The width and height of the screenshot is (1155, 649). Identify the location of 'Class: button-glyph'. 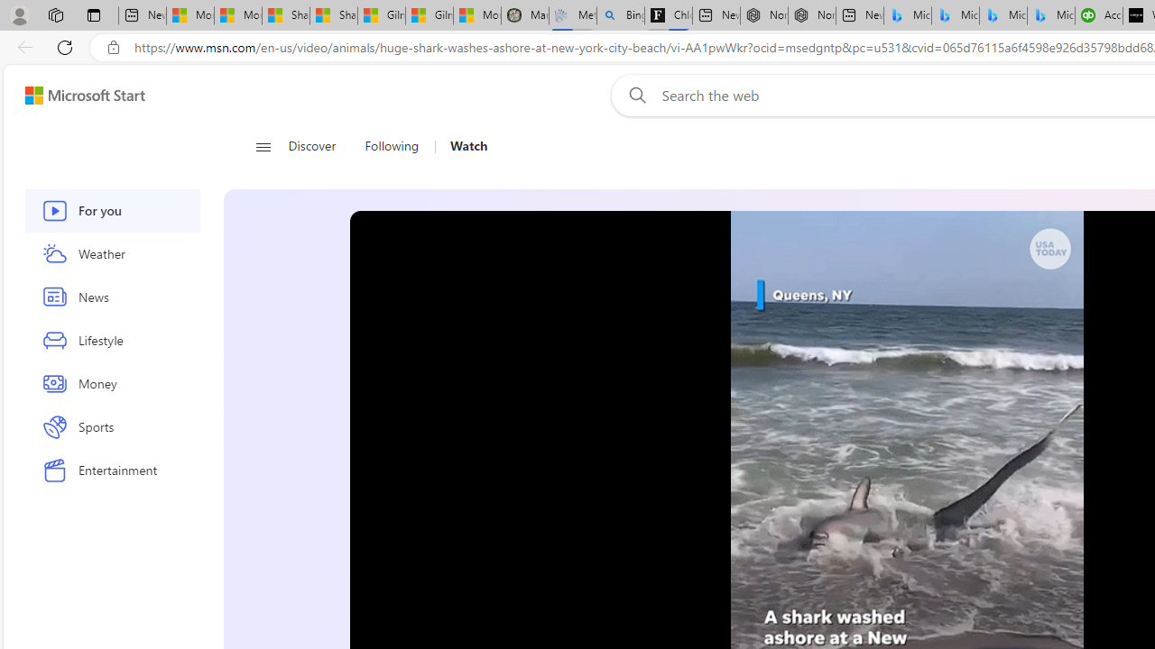
(262, 146).